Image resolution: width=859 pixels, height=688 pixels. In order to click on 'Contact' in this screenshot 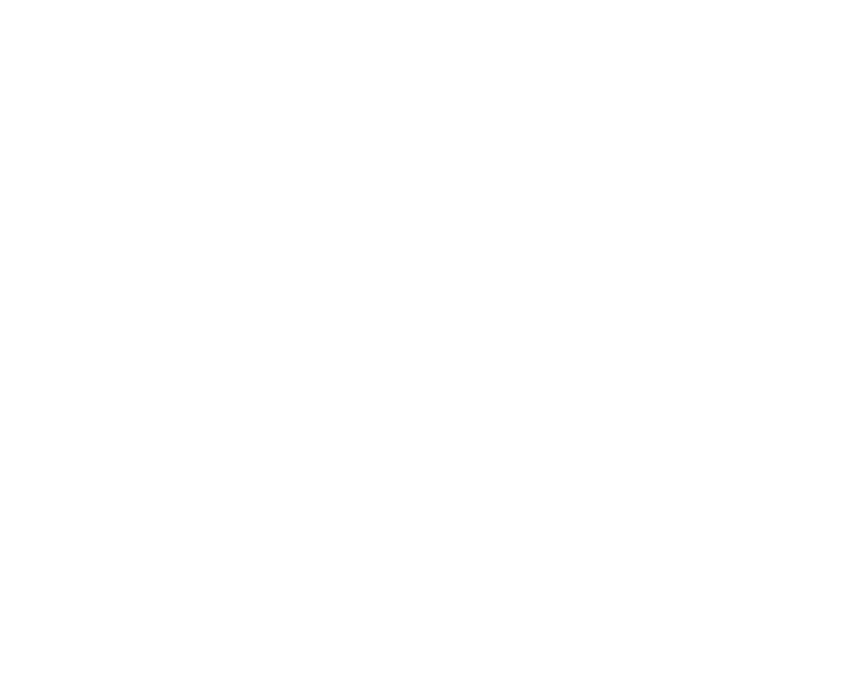, I will do `click(5, 309)`.